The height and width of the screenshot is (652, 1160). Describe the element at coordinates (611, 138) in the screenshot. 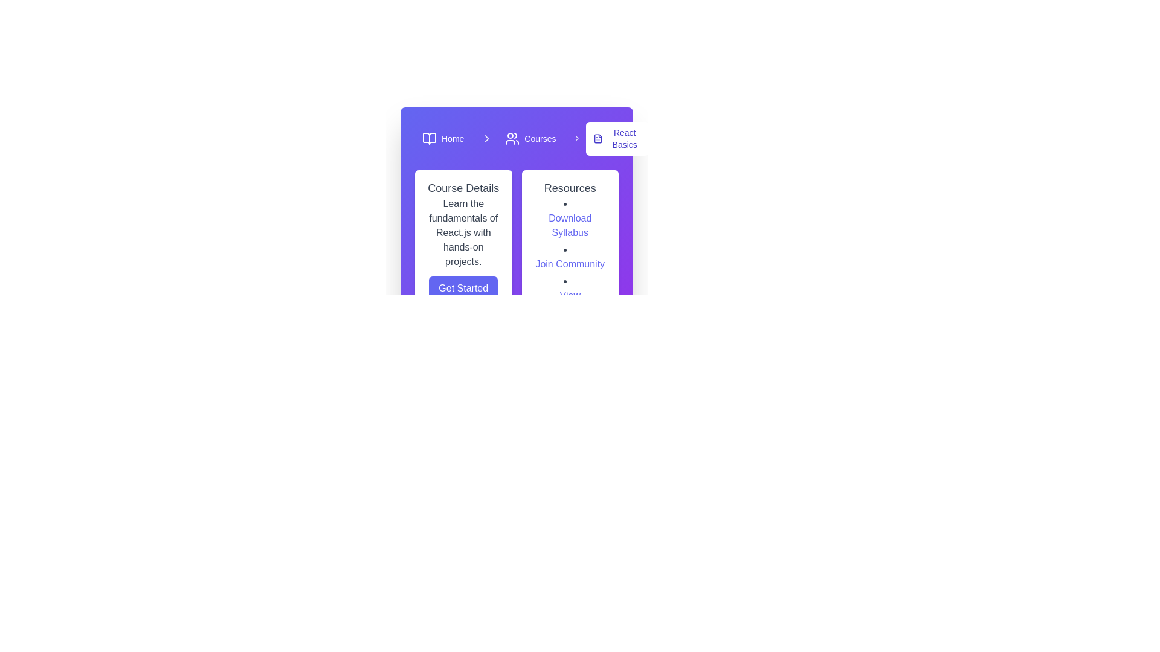

I see `the 'React Basics' Breadcrumb link item, which is styled with indigo-blue text and a rounded white background, located in the breadcrumb navigation bar` at that location.